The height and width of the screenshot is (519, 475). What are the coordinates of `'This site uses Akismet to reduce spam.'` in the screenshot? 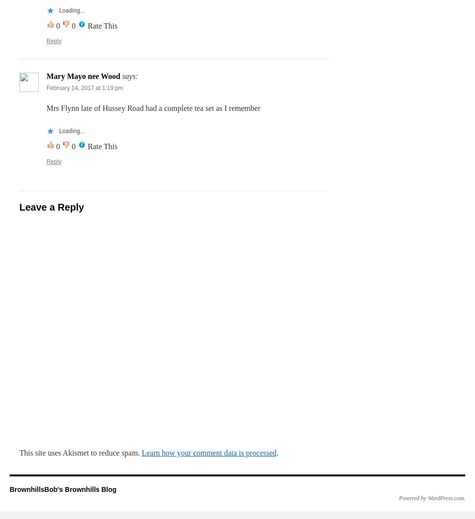 It's located at (80, 452).